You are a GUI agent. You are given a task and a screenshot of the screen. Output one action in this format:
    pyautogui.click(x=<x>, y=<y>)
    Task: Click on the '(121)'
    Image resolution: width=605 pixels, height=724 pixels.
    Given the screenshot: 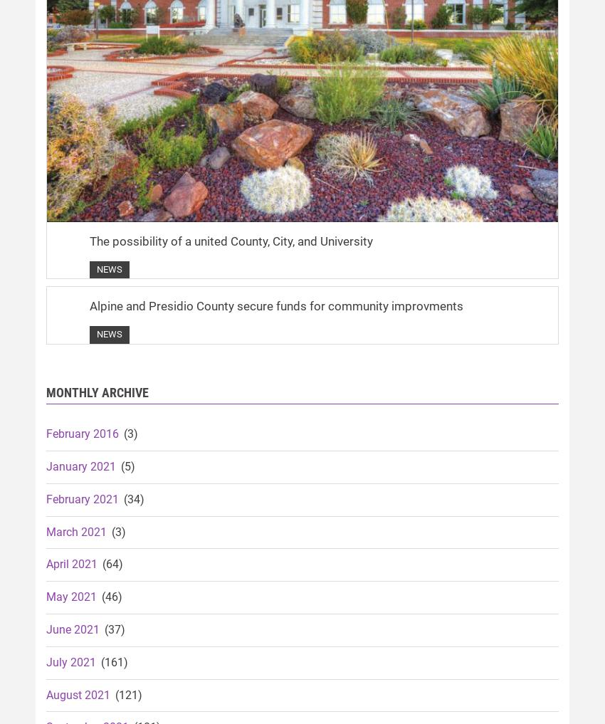 What is the action you would take?
    pyautogui.click(x=127, y=694)
    